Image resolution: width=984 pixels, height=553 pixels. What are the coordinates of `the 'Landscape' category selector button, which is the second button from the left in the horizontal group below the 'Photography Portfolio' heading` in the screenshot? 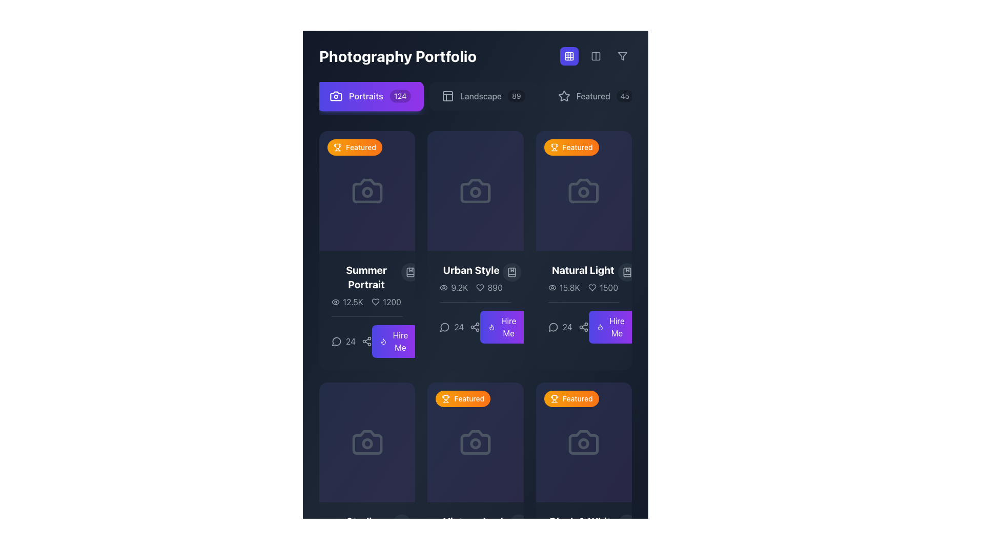 It's located at (483, 96).